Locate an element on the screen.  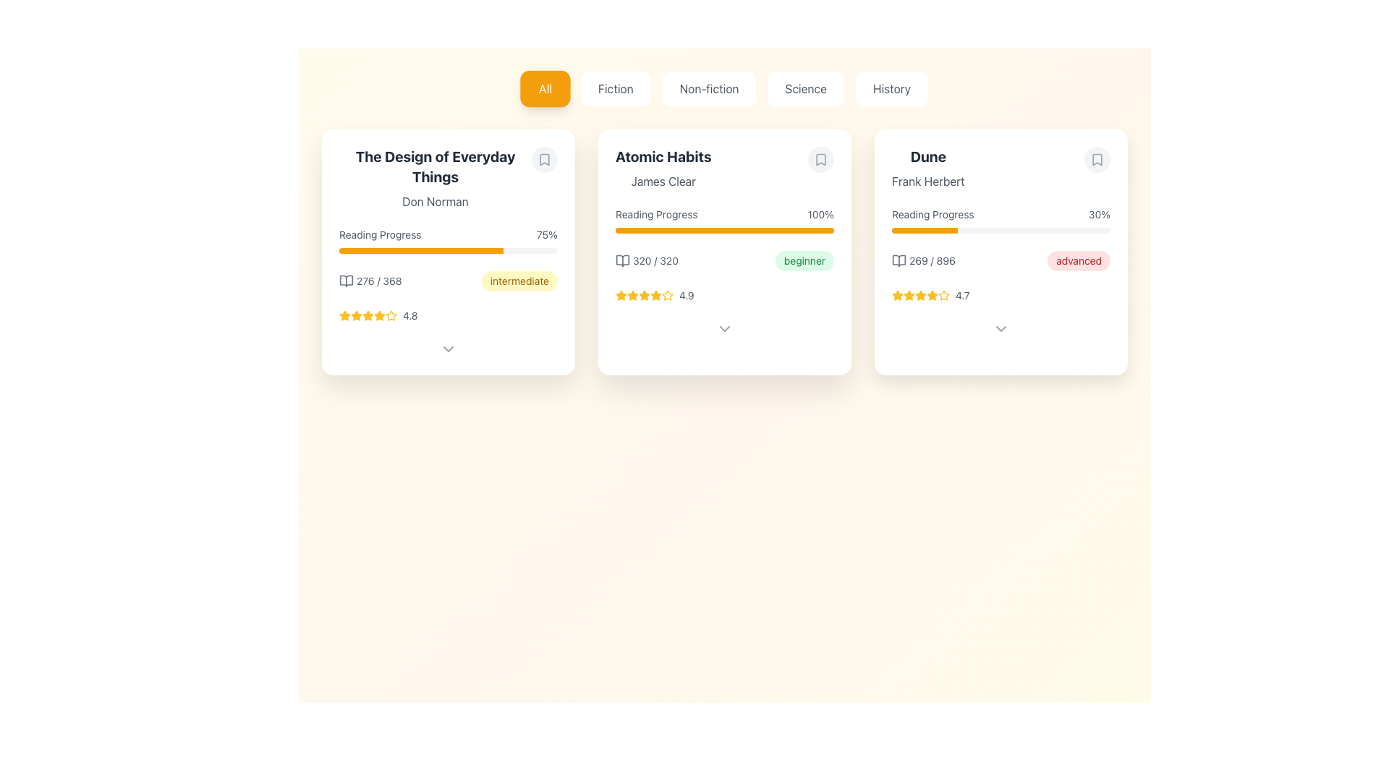
the text label that displays 'The Design of Everyday Things' by Don Norman, which is prominently positioned at the top-left corner of the first card in a grid layout is located at coordinates (447, 177).